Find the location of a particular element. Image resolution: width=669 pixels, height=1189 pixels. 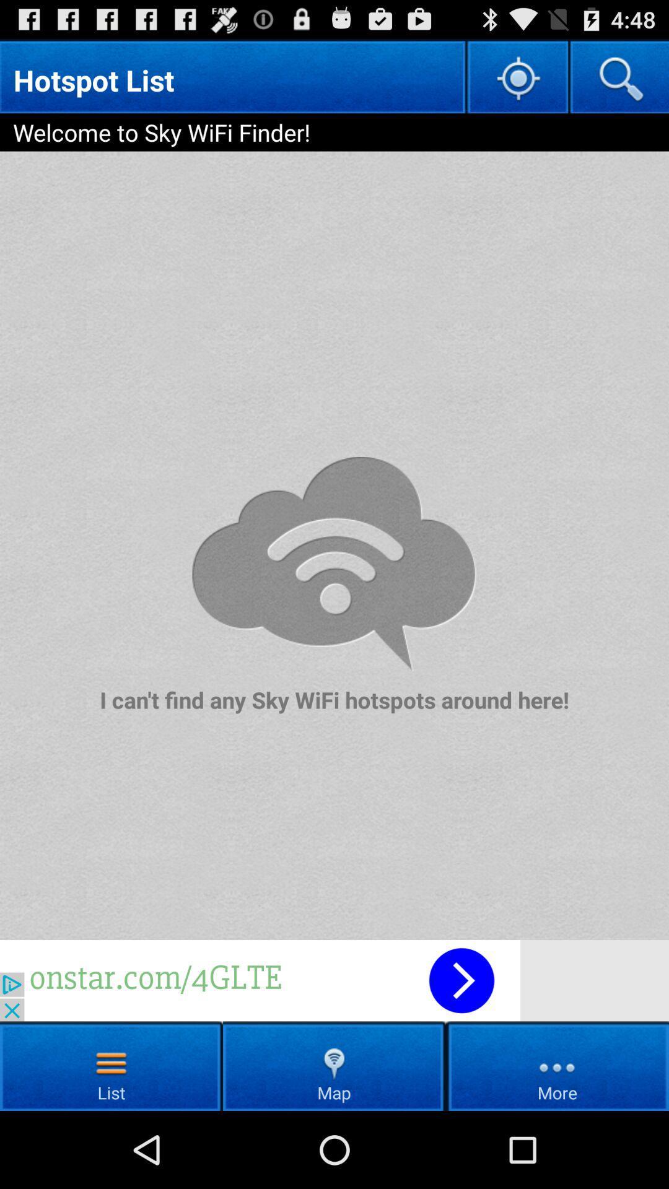

go back is located at coordinates (334, 980).